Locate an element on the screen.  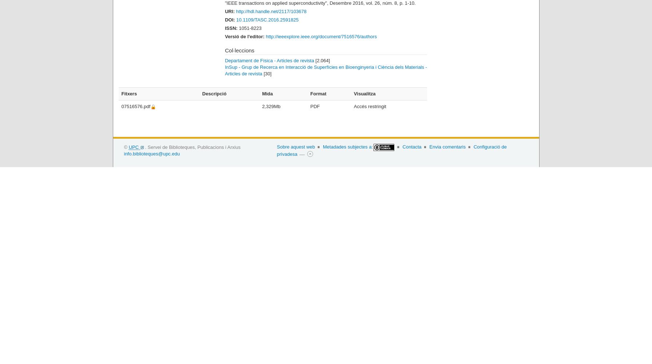
'Format' is located at coordinates (318, 93).